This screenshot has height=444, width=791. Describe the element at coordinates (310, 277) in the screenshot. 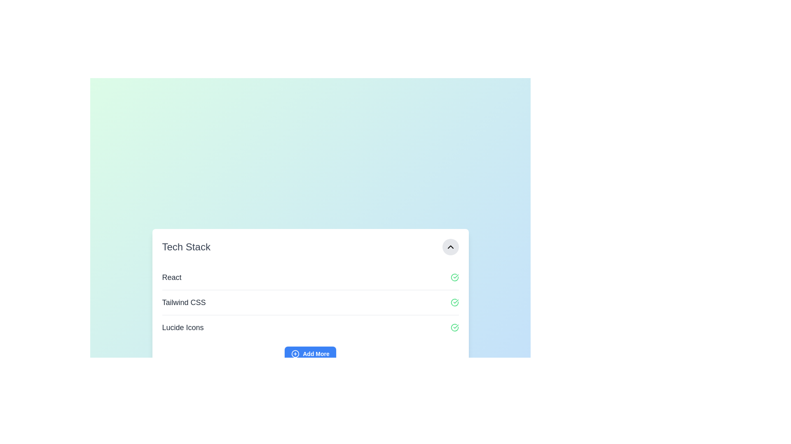

I see `the first list item labeled 'React'` at that location.